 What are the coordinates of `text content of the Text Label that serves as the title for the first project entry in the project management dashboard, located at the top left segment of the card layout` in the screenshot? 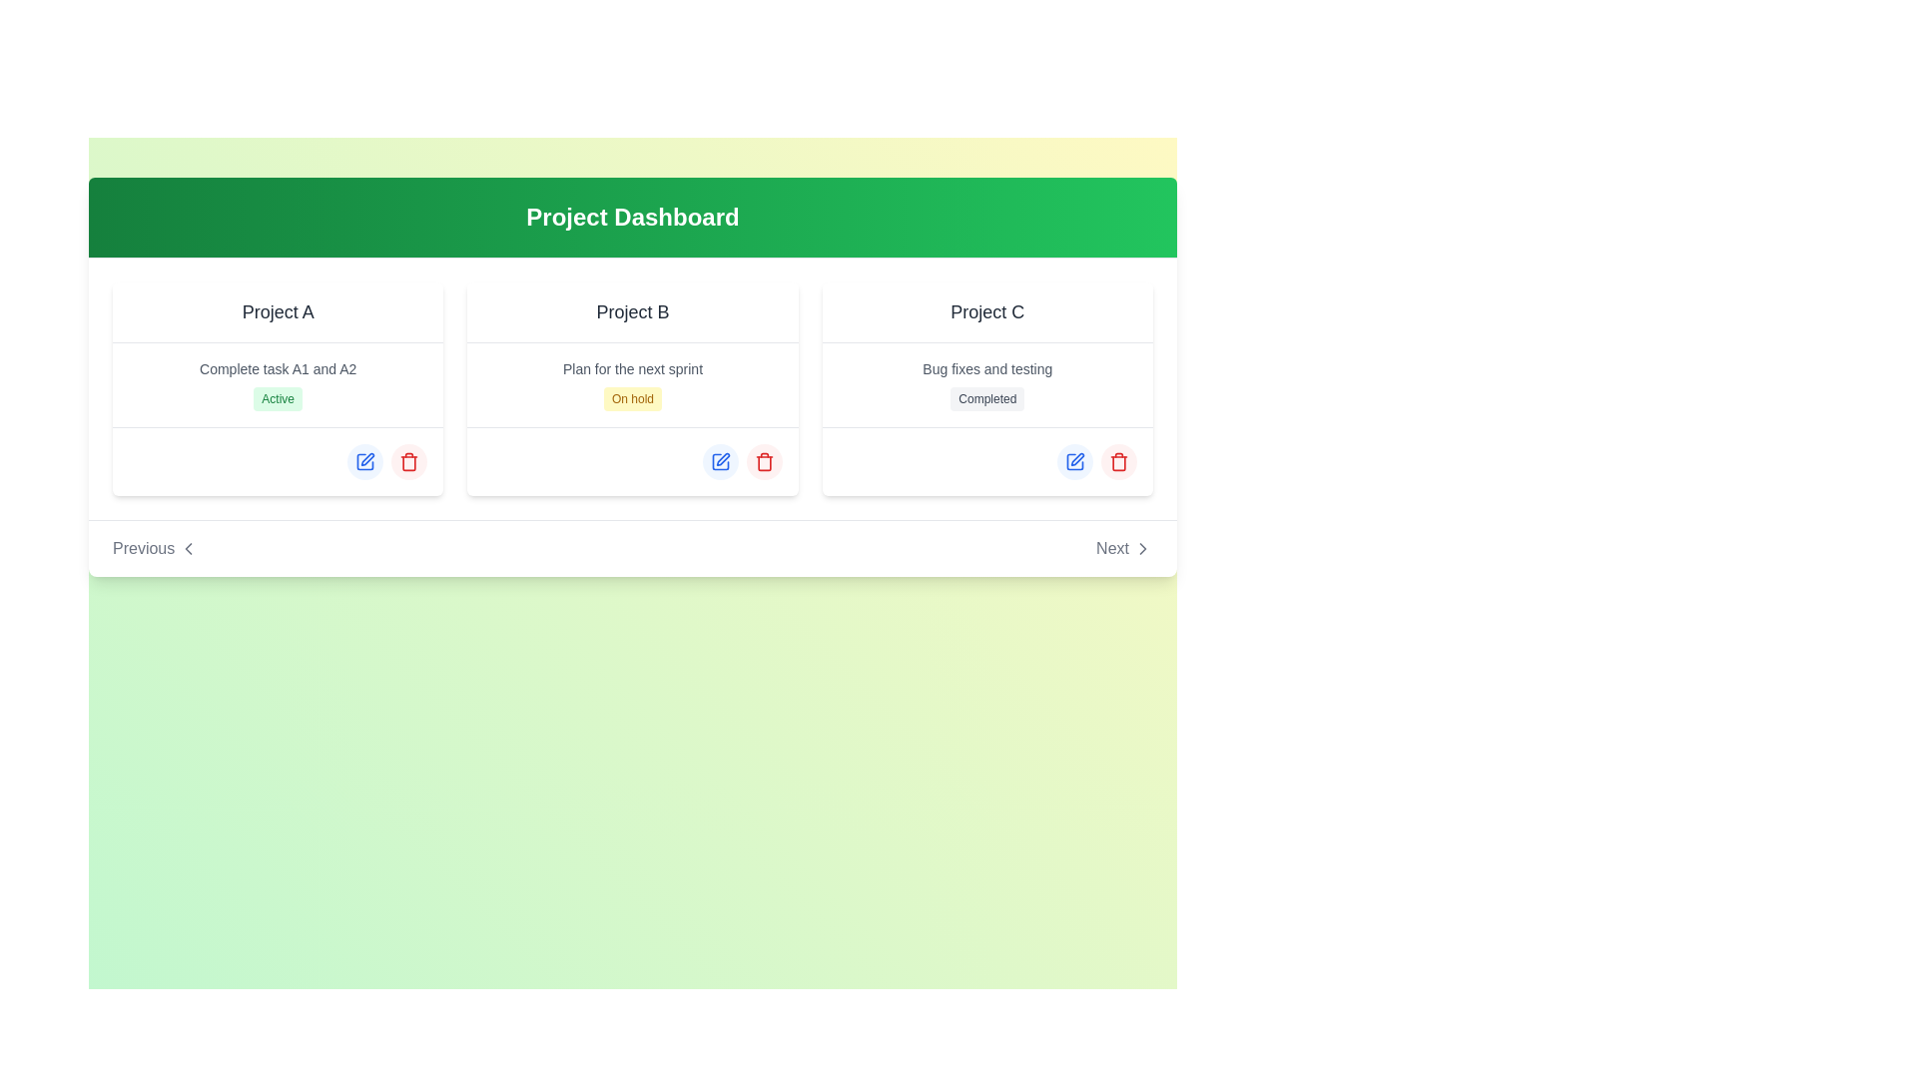 It's located at (277, 312).